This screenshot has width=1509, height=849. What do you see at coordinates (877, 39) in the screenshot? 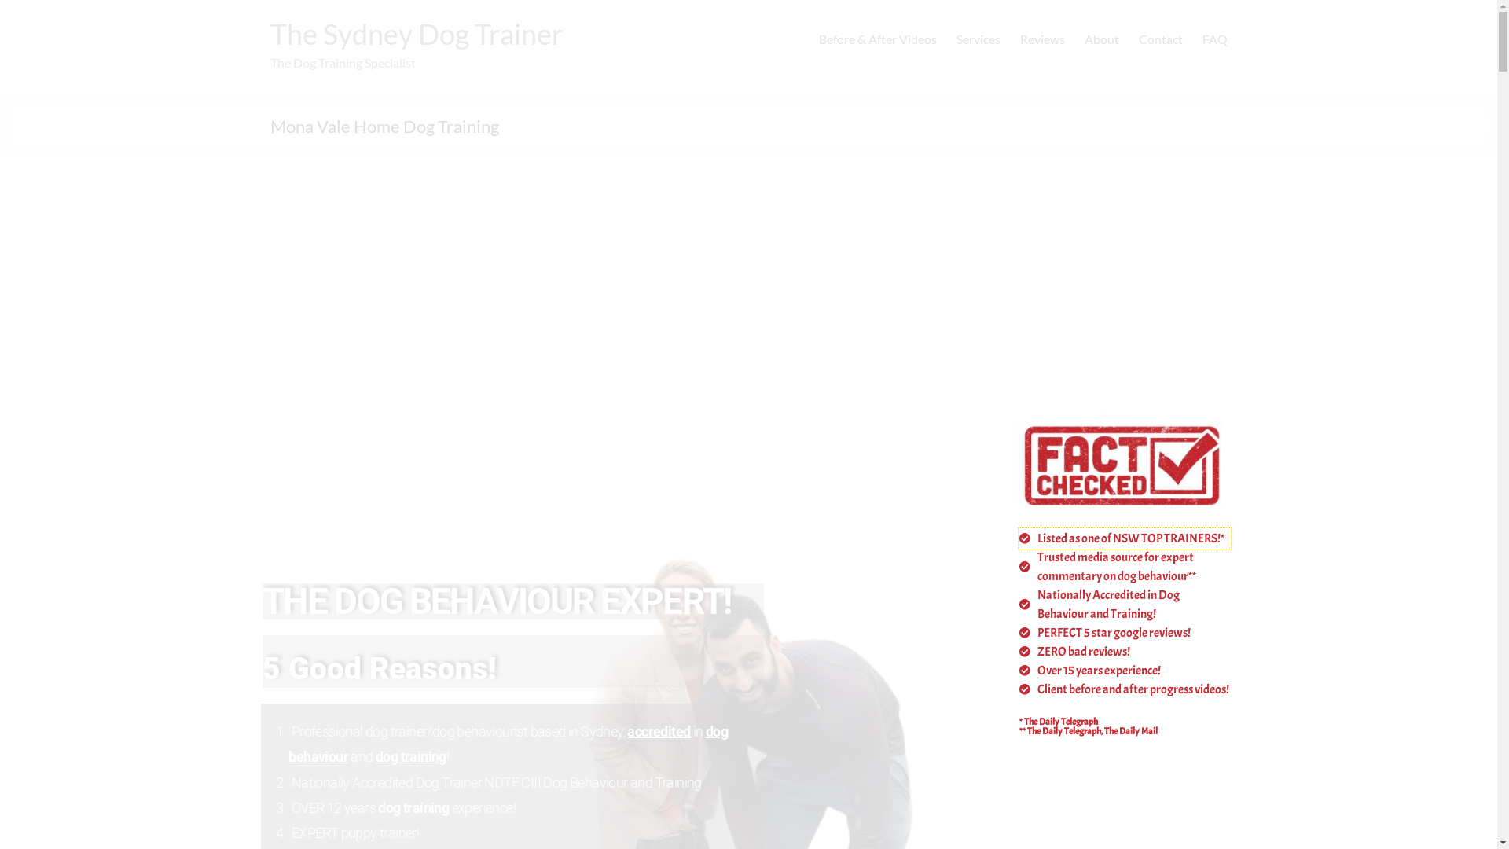
I see `'Before & After Videos'` at bounding box center [877, 39].